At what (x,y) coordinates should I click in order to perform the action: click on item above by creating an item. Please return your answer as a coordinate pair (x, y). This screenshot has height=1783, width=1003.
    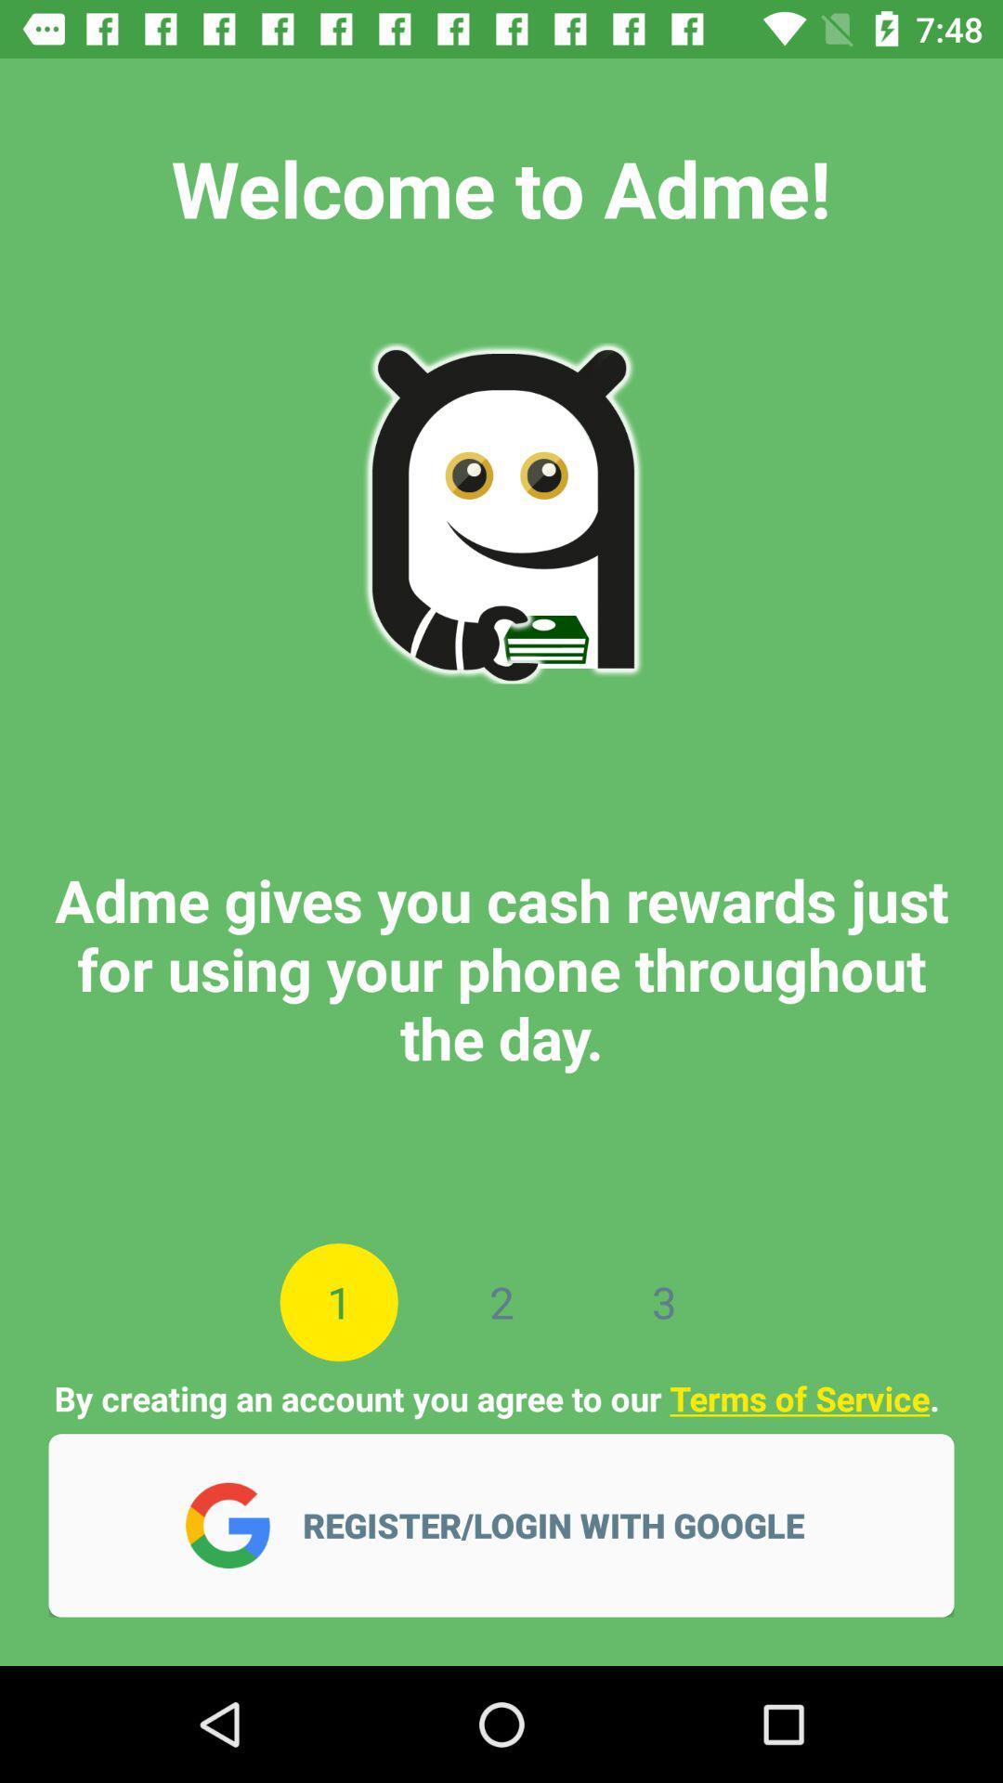
    Looking at the image, I should click on (339, 1301).